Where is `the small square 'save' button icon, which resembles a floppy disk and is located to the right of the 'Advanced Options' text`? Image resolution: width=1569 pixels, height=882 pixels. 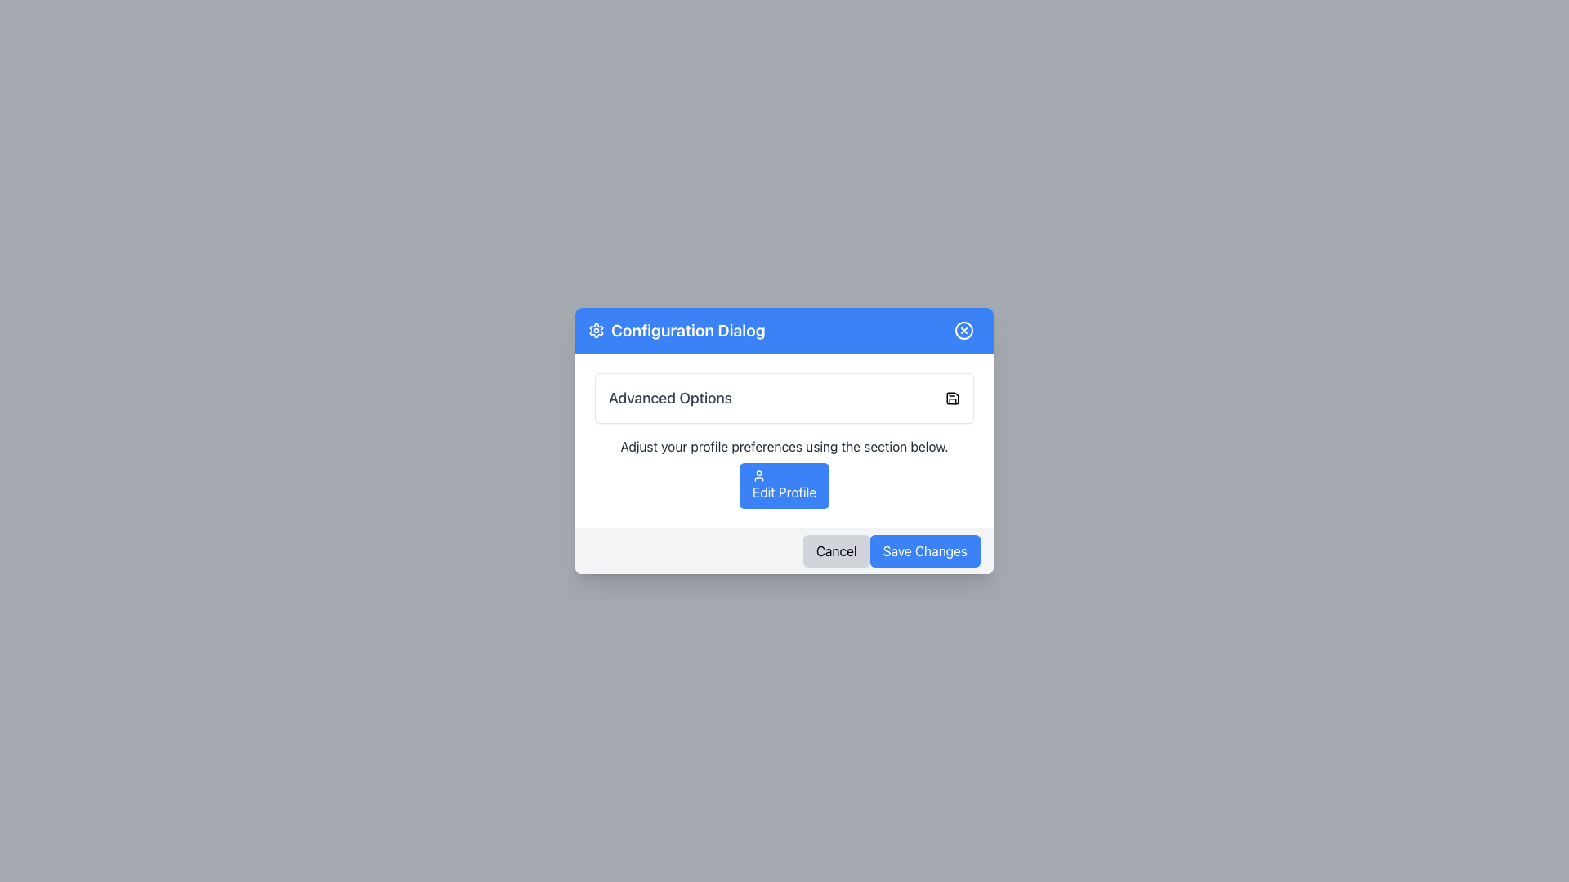 the small square 'save' button icon, which resembles a floppy disk and is located to the right of the 'Advanced Options' text is located at coordinates (953, 399).